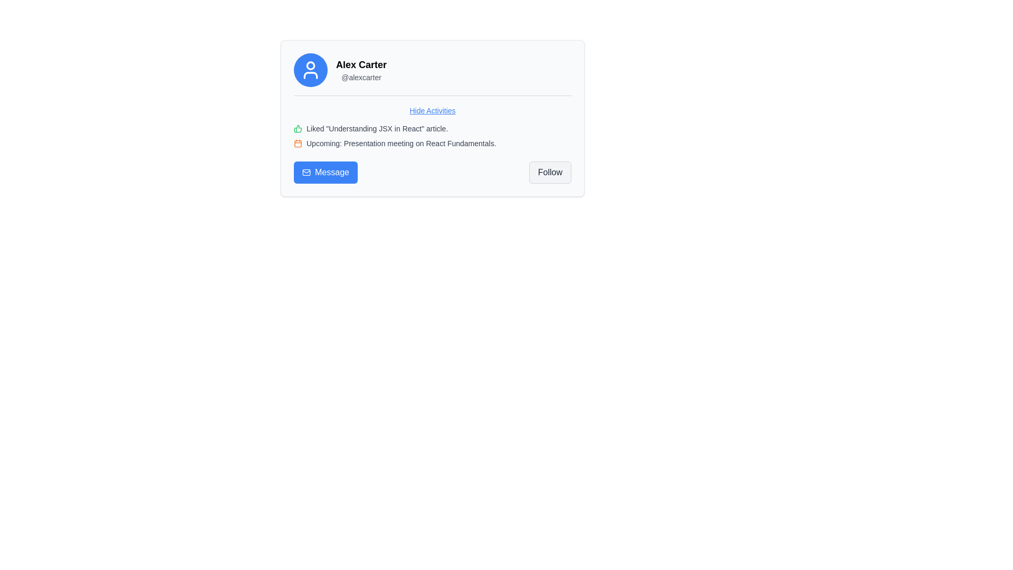 Image resolution: width=1013 pixels, height=570 pixels. Describe the element at coordinates (298, 144) in the screenshot. I see `the calendar event icon located to the left of the text 'Upcoming: Presentation meeting on React Fundamentals'` at that location.